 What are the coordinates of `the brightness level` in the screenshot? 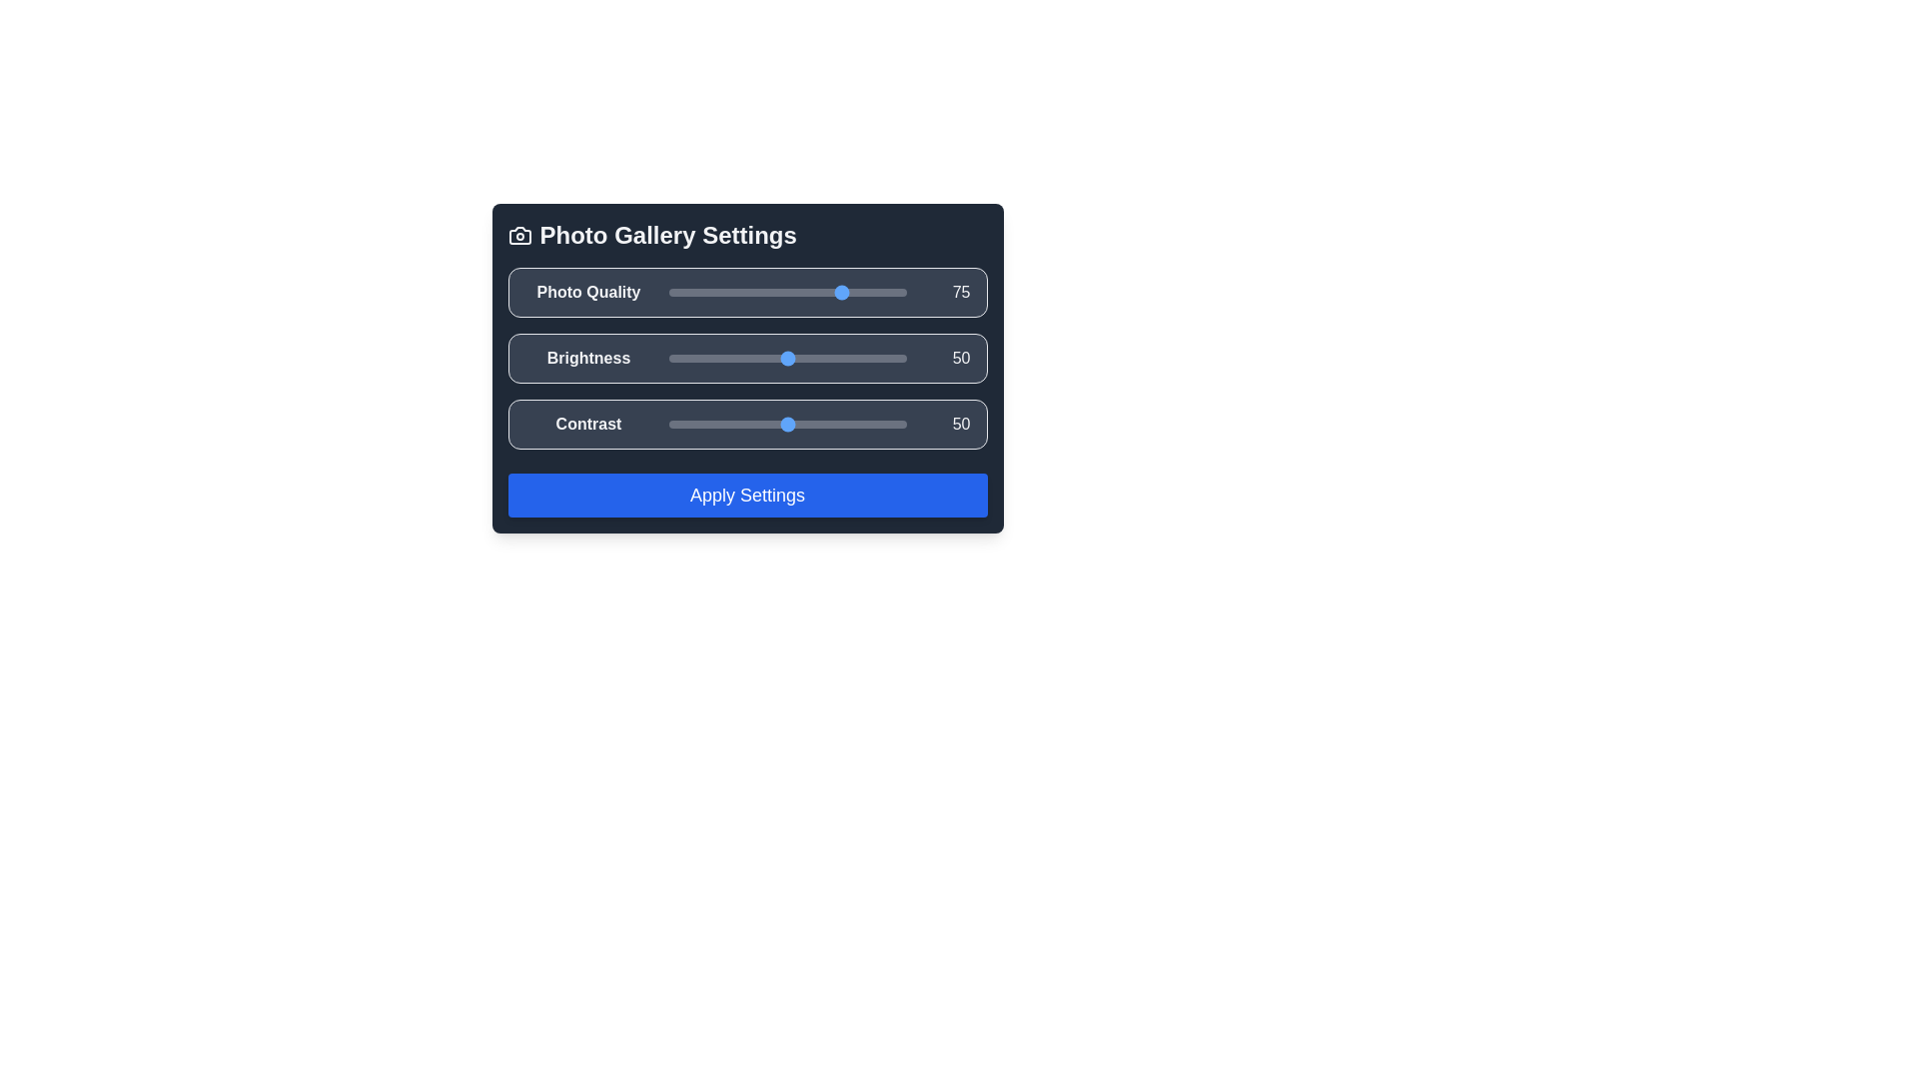 It's located at (776, 357).